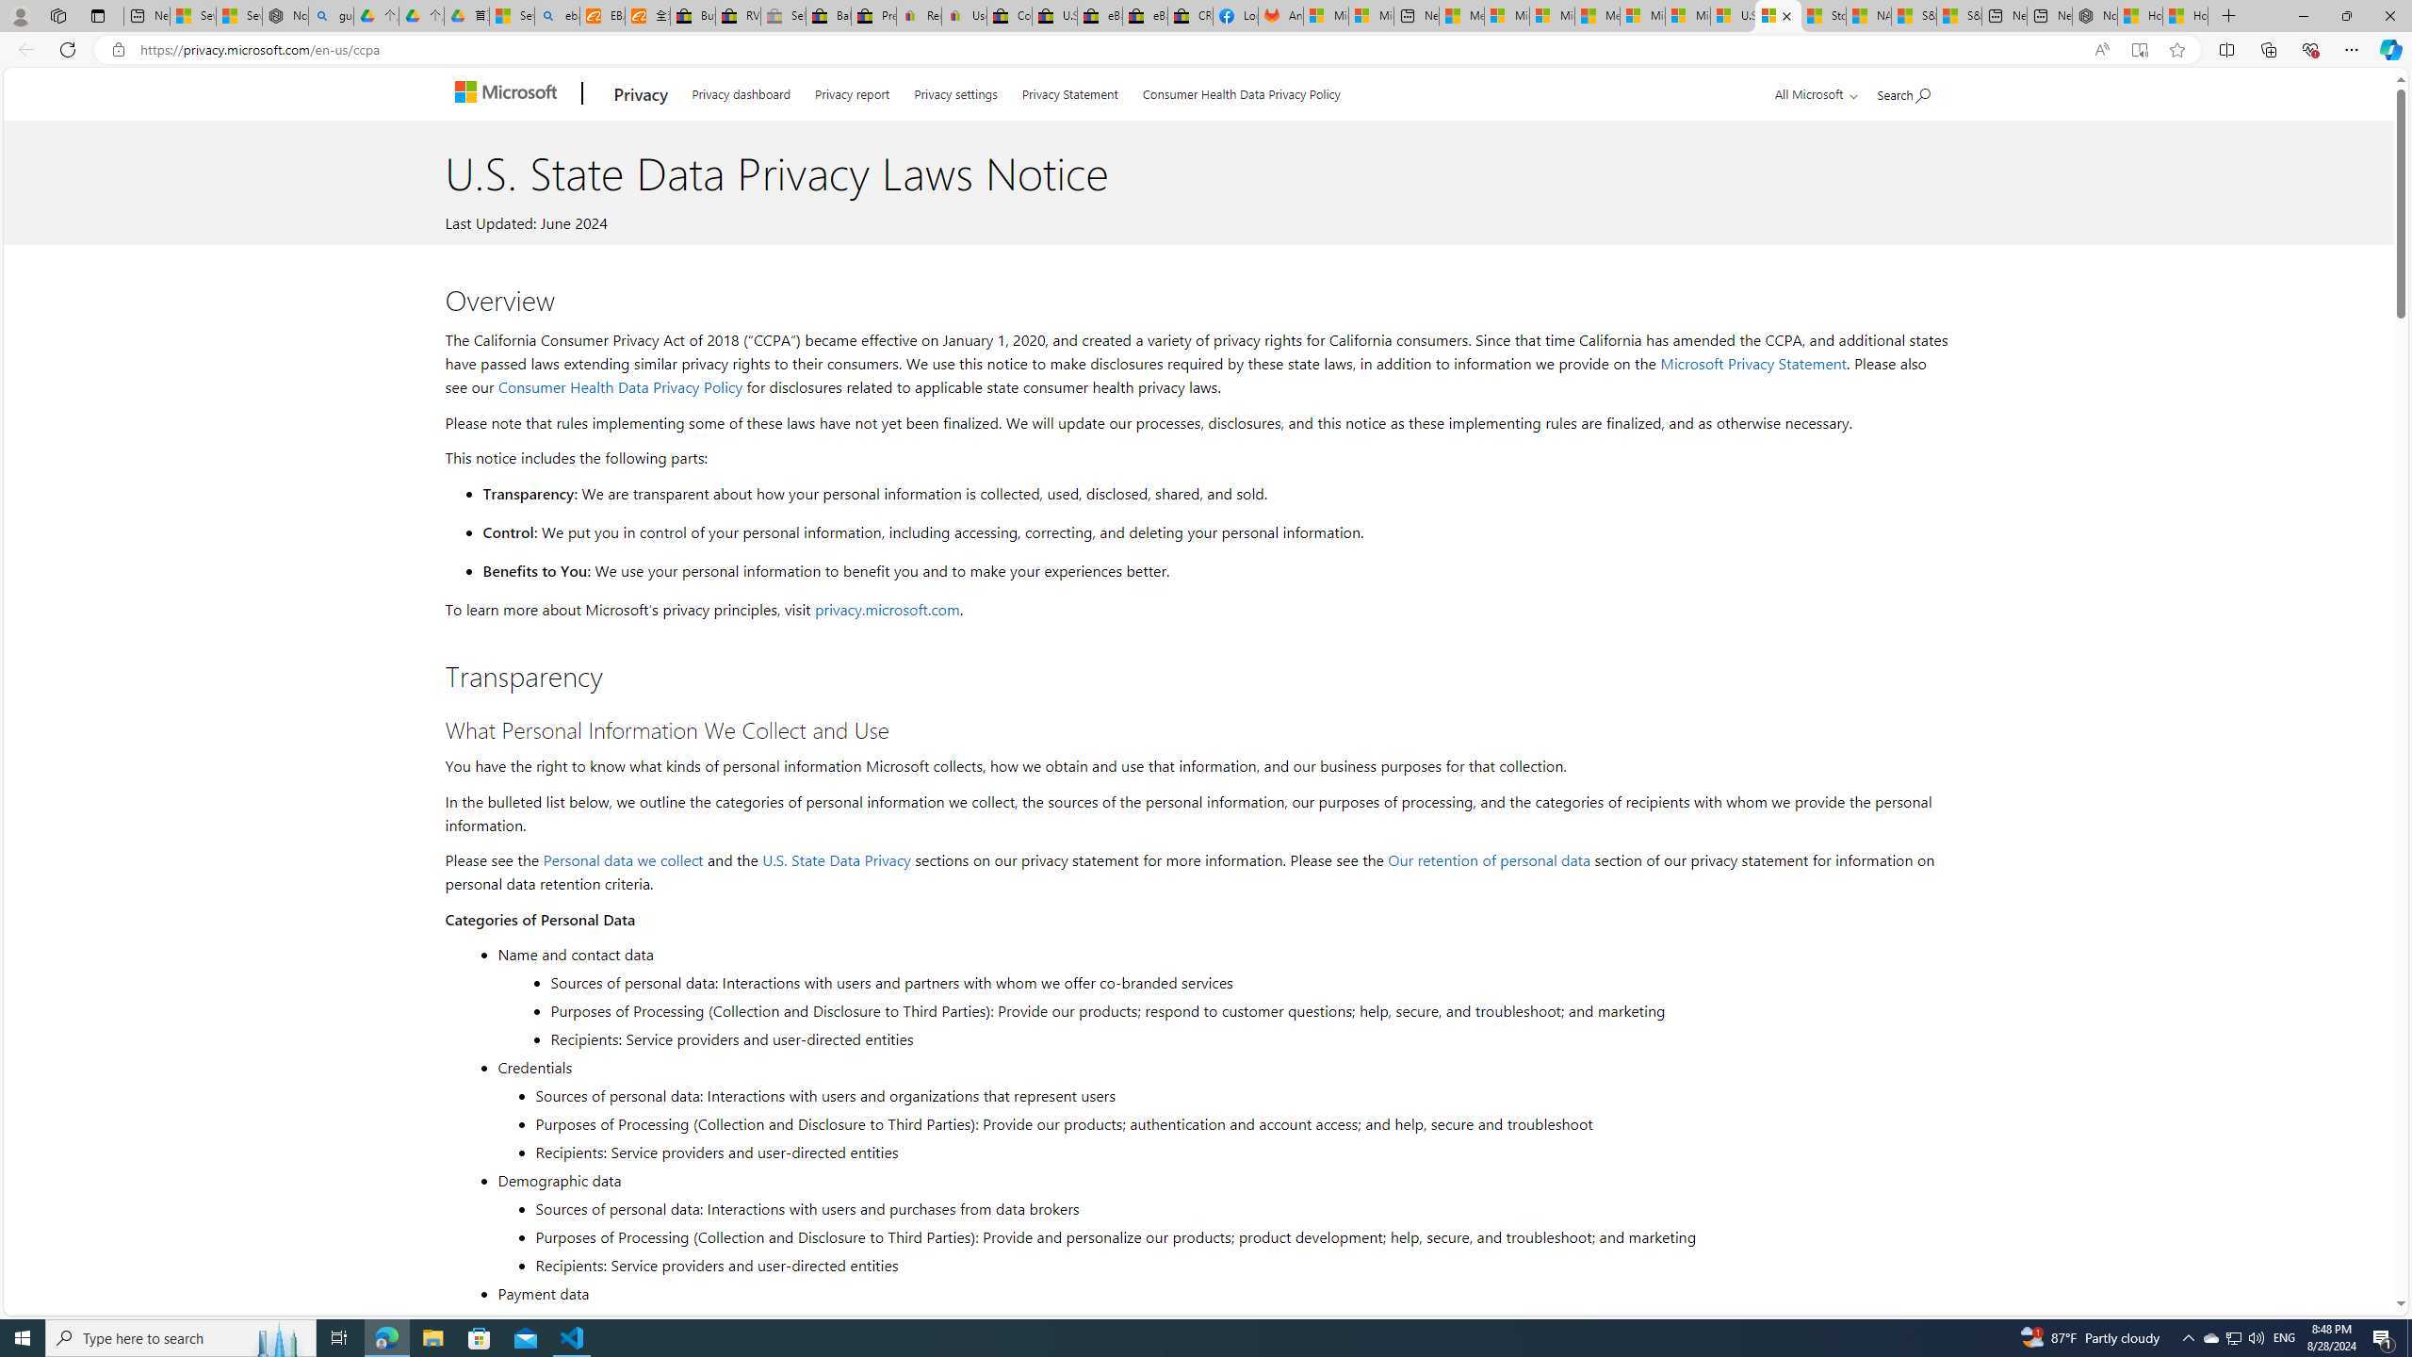 This screenshot has width=2412, height=1357. I want to click on 'Browser essentials', so click(2309, 48).